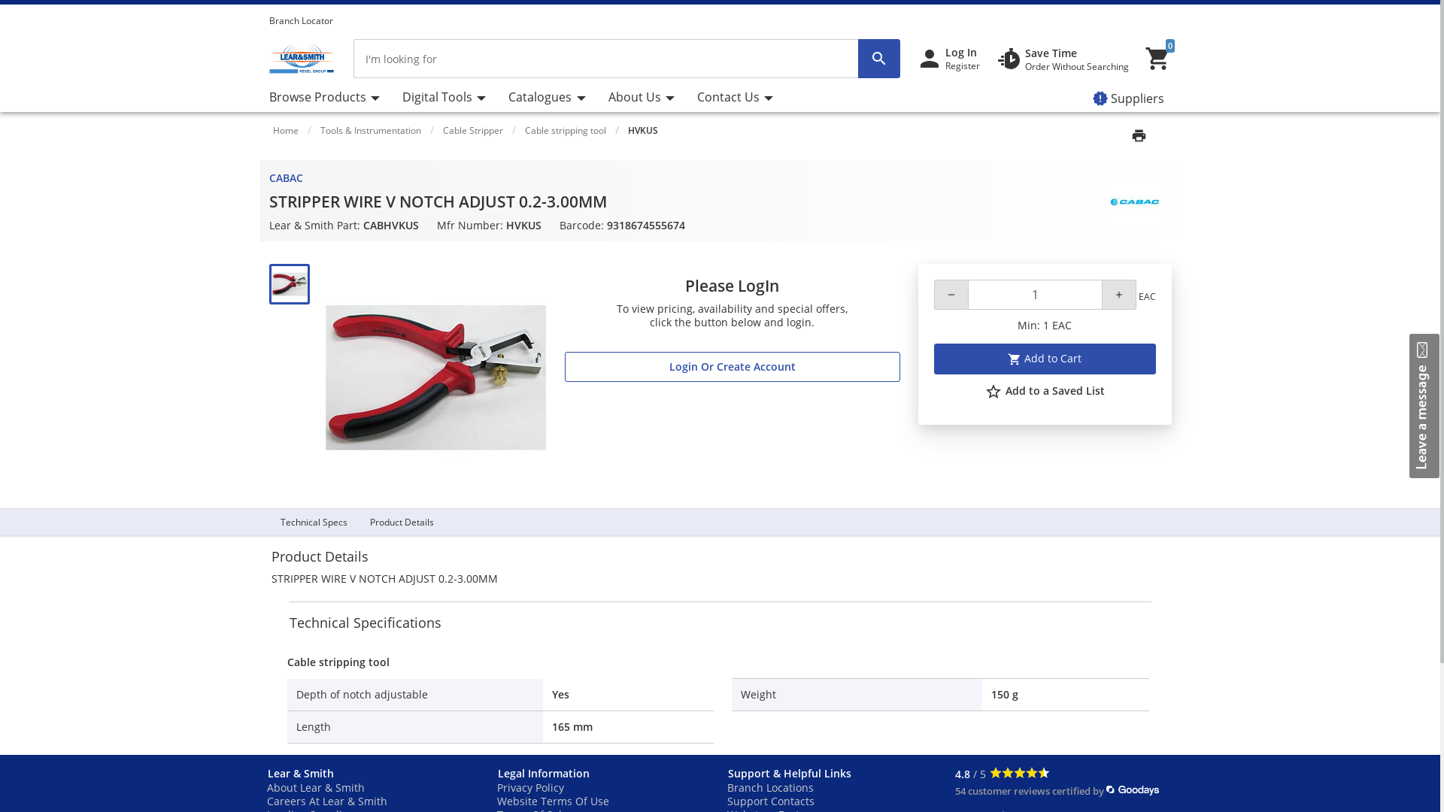 This screenshot has width=1444, height=812. I want to click on 'star_border Add to a Saved List', so click(1043, 390).